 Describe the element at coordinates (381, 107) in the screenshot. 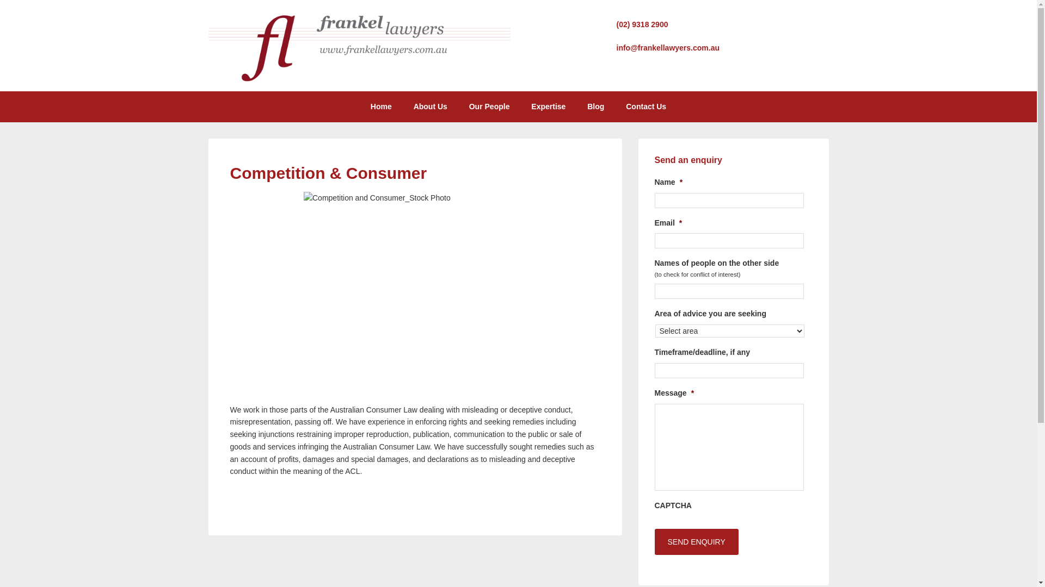

I see `'Home'` at that location.